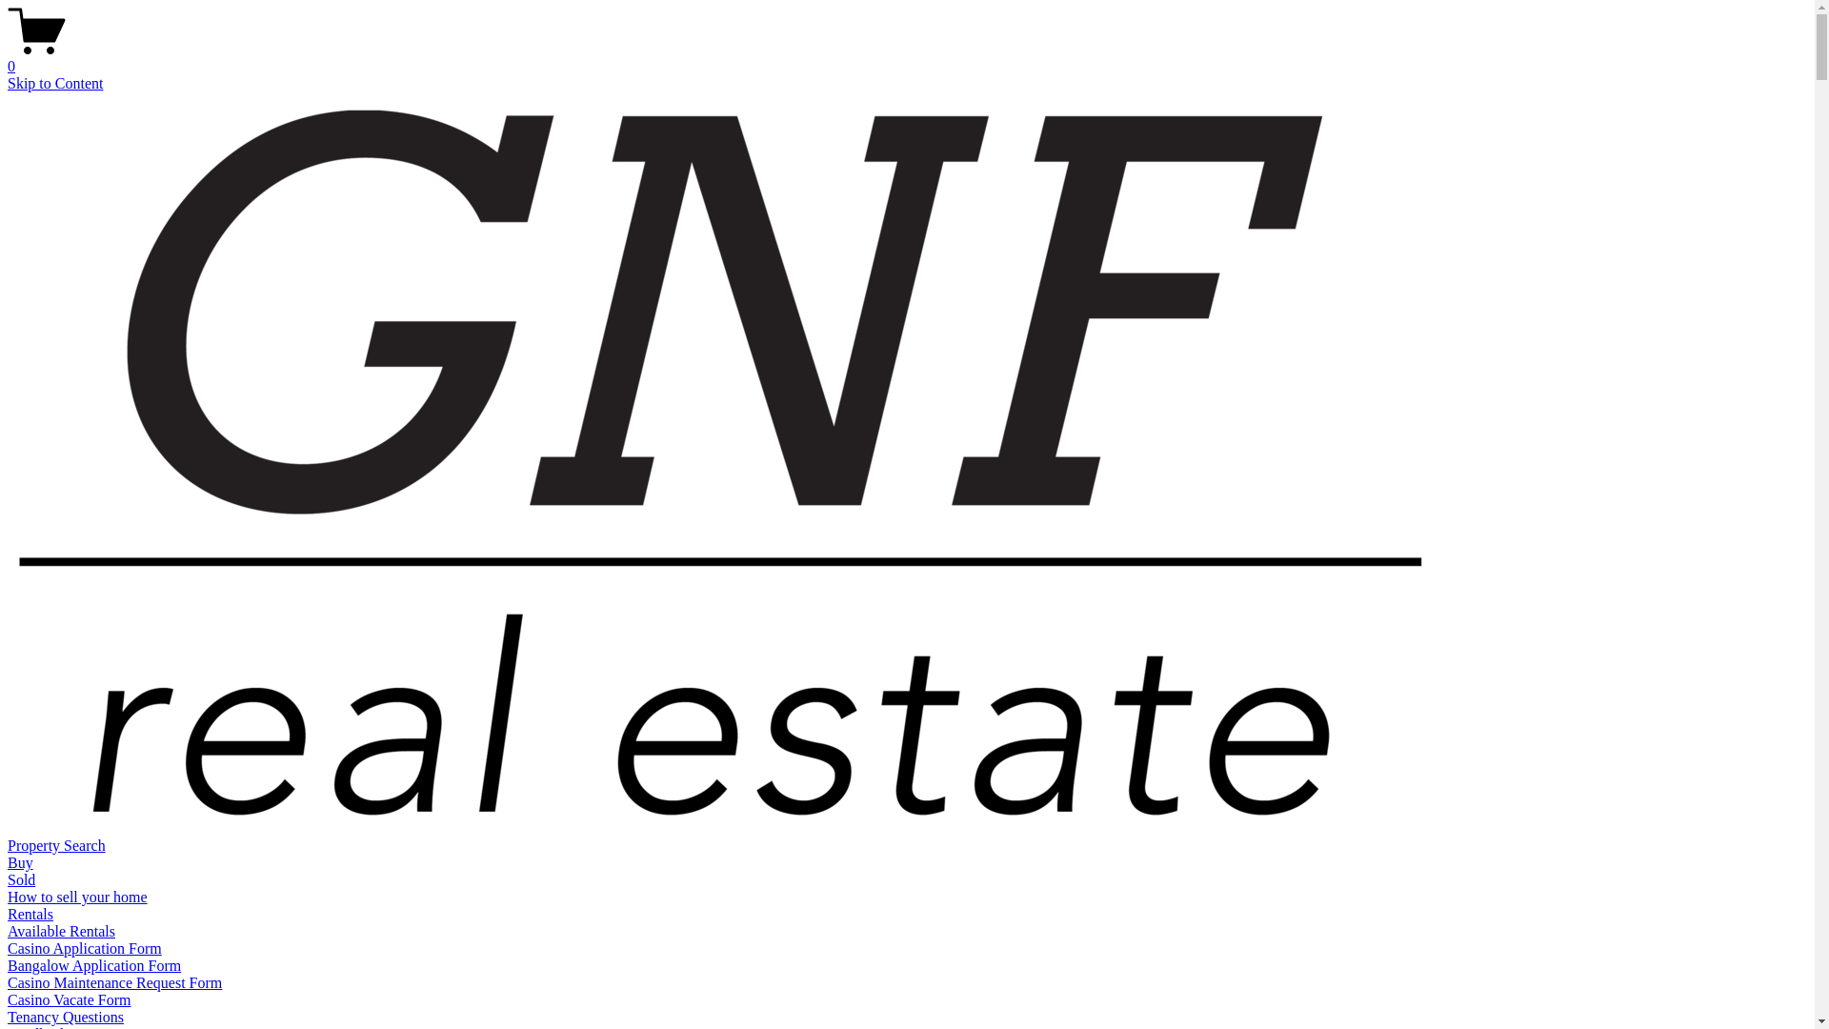  Describe the element at coordinates (30, 913) in the screenshot. I see `'Rentals'` at that location.